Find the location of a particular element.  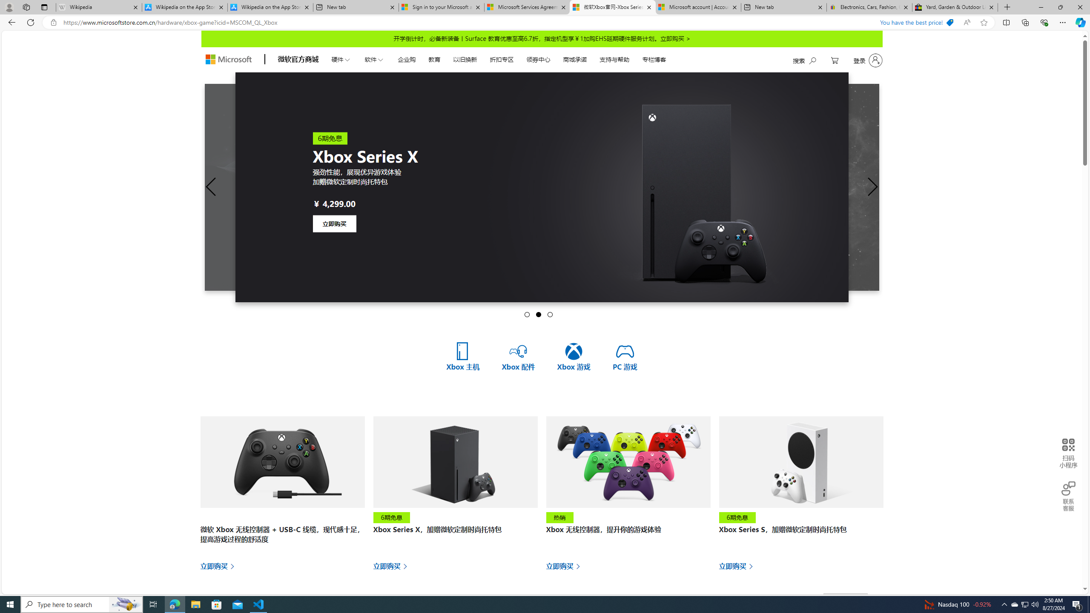

'Microsoft account | Account Checkup' is located at coordinates (697, 7).